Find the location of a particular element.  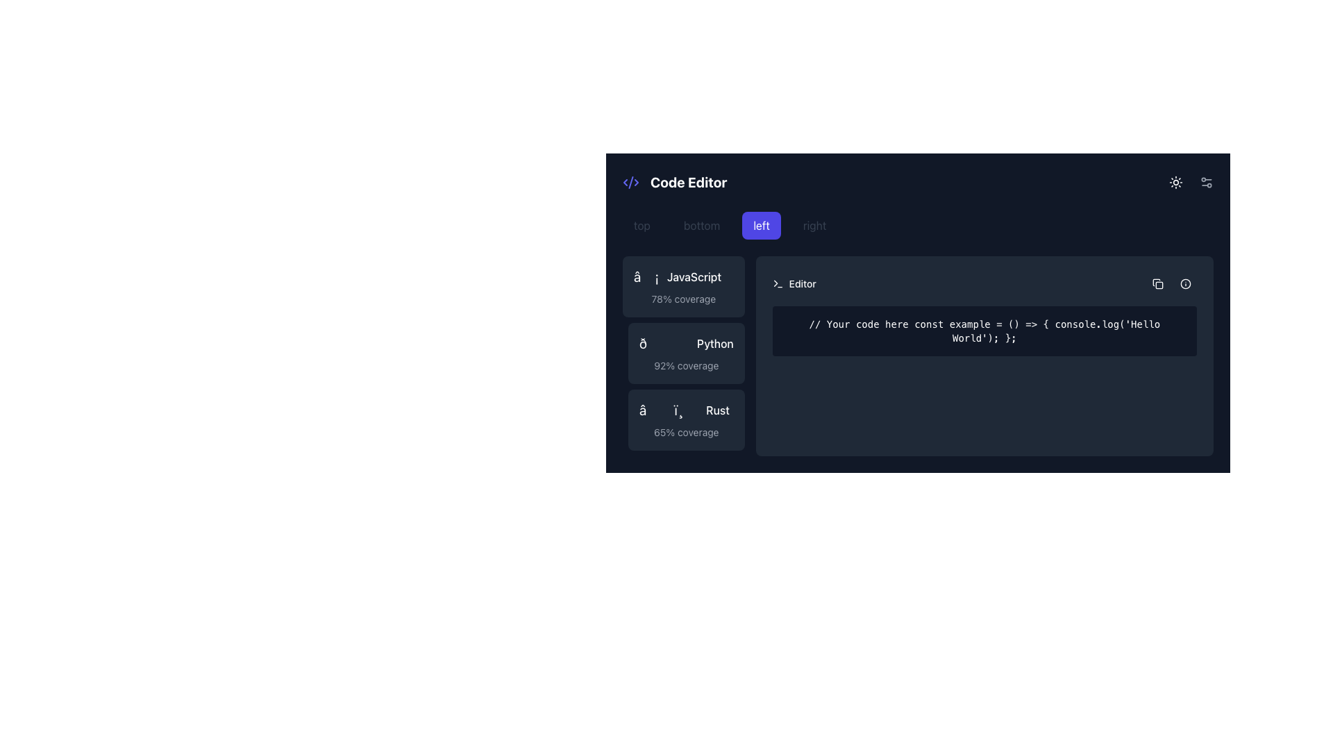

the Informational card displaying 'Python' coverage statistics, located second from the top in the group of cards is located at coordinates (686, 353).